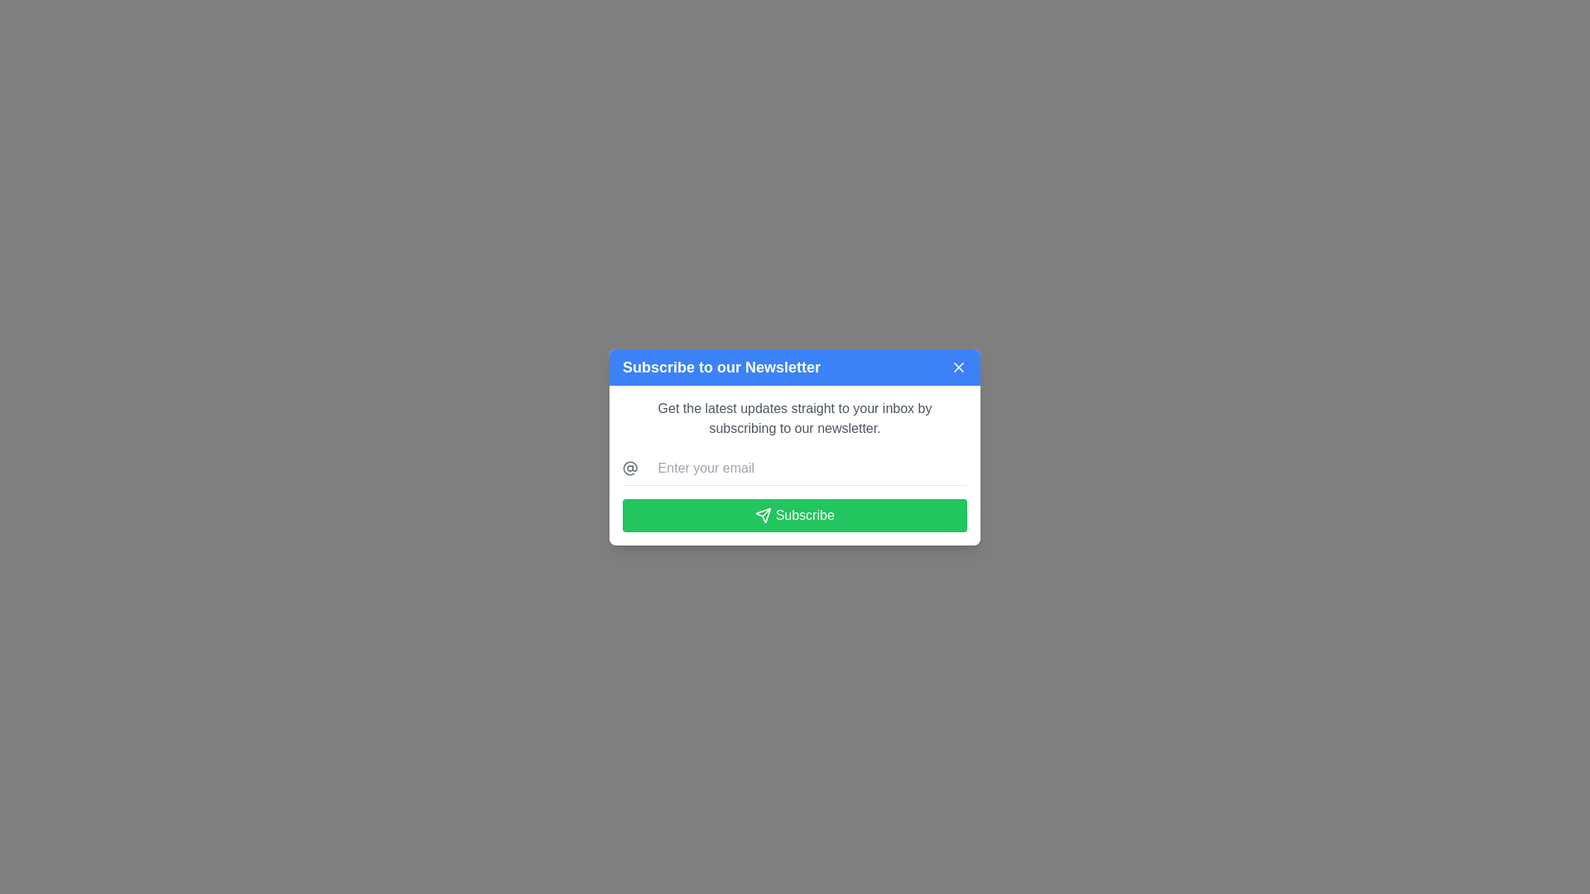  Describe the element at coordinates (629, 468) in the screenshot. I see `the circular '@' symbol icon rendered in gray, which is positioned to the left of the email input field labeled 'Enter your email' in the middle section of the popup modal` at that location.